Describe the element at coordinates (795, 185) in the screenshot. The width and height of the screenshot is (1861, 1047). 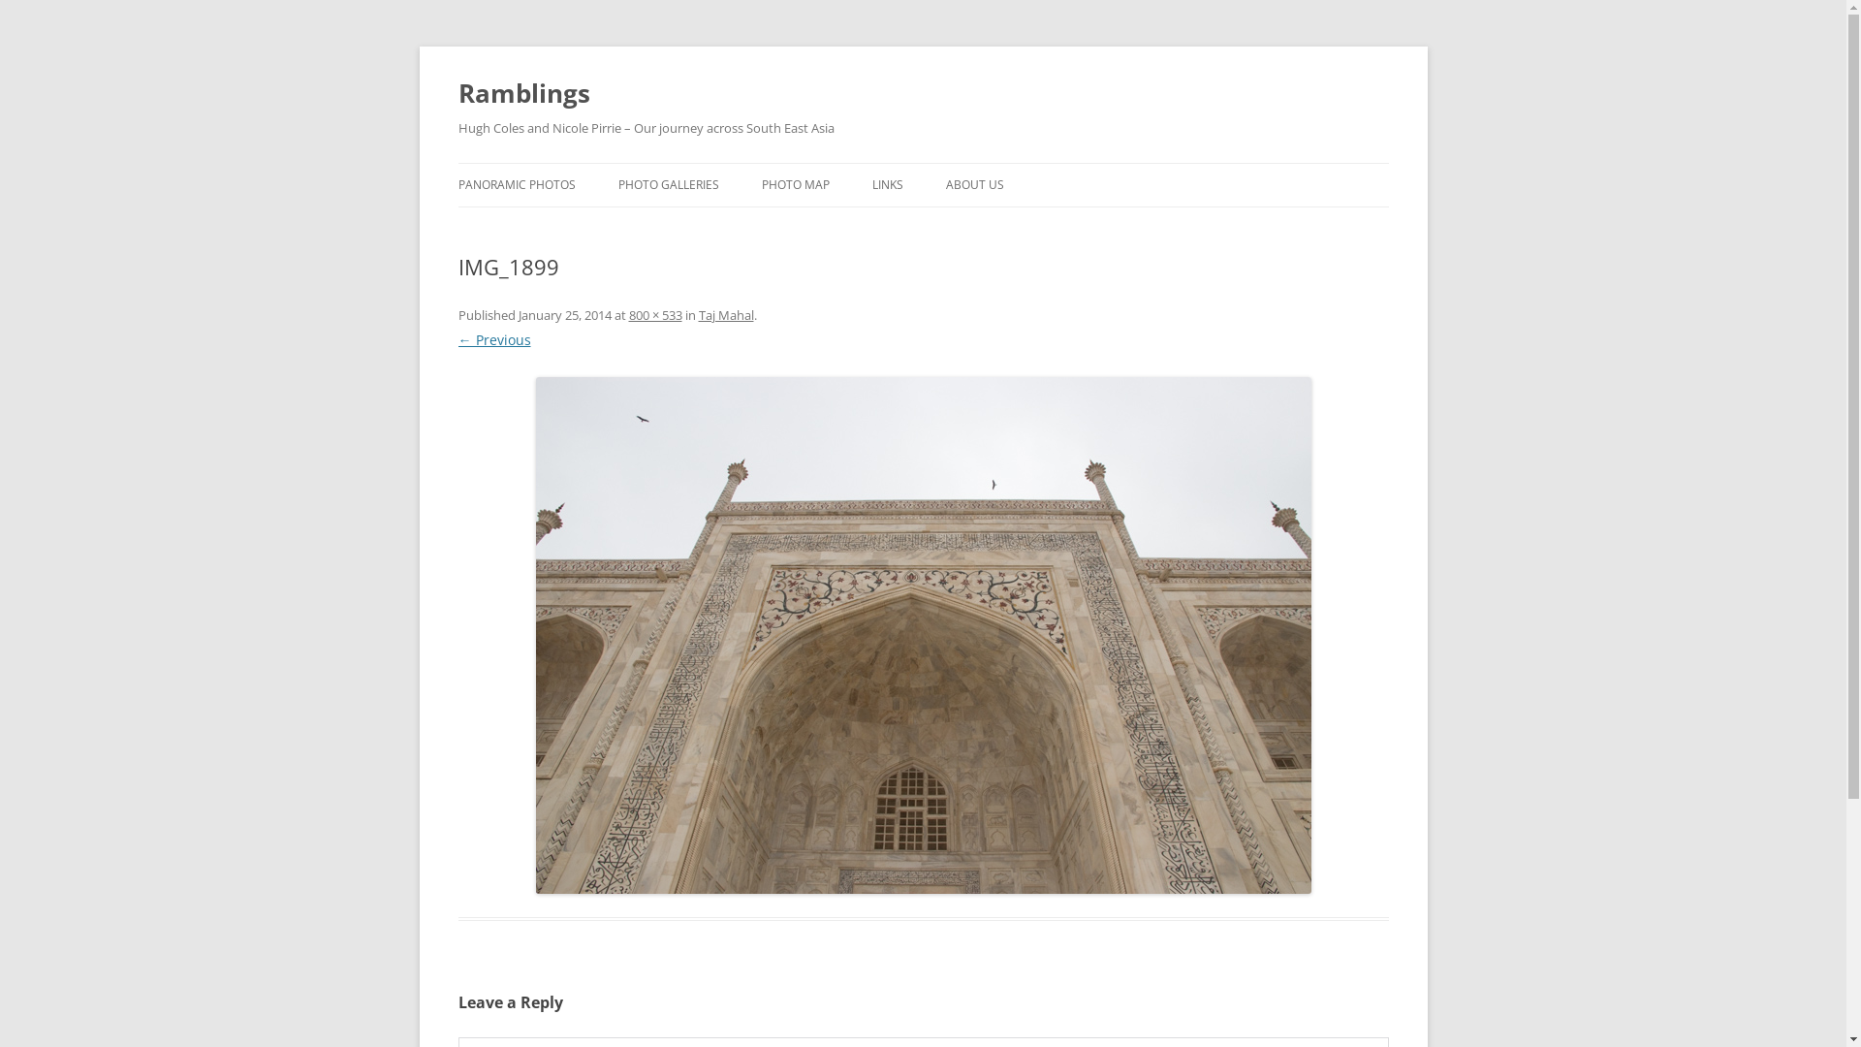
I see `'PHOTO MAP'` at that location.